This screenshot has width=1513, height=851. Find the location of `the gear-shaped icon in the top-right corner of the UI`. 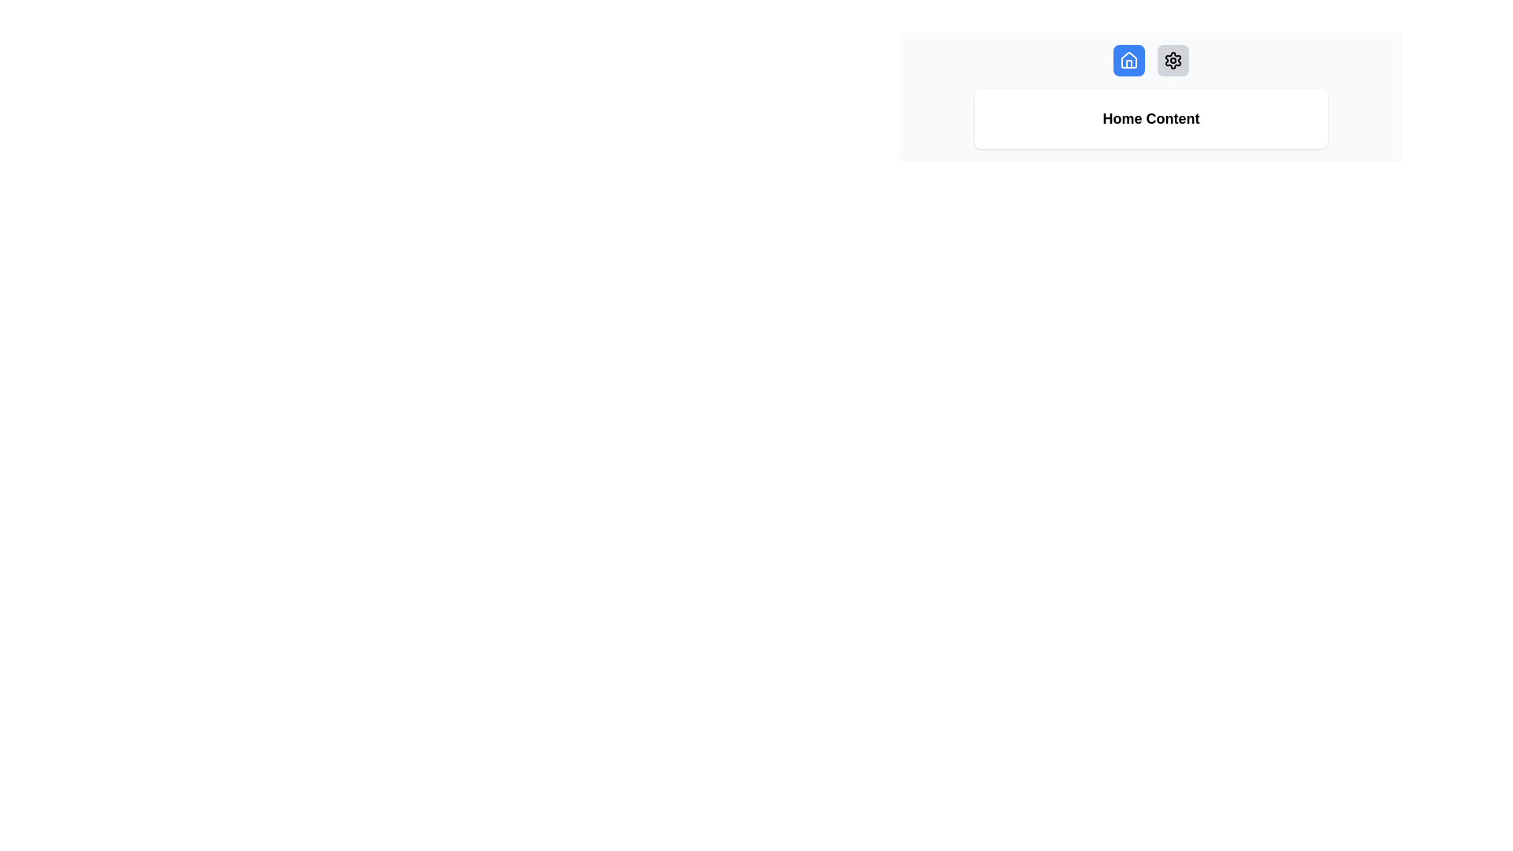

the gear-shaped icon in the top-right corner of the UI is located at coordinates (1173, 60).